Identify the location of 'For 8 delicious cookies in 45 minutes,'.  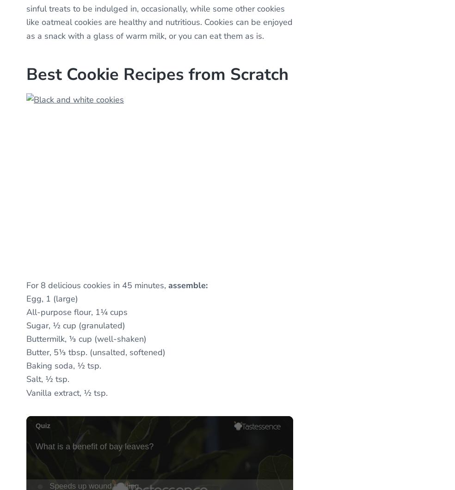
(97, 284).